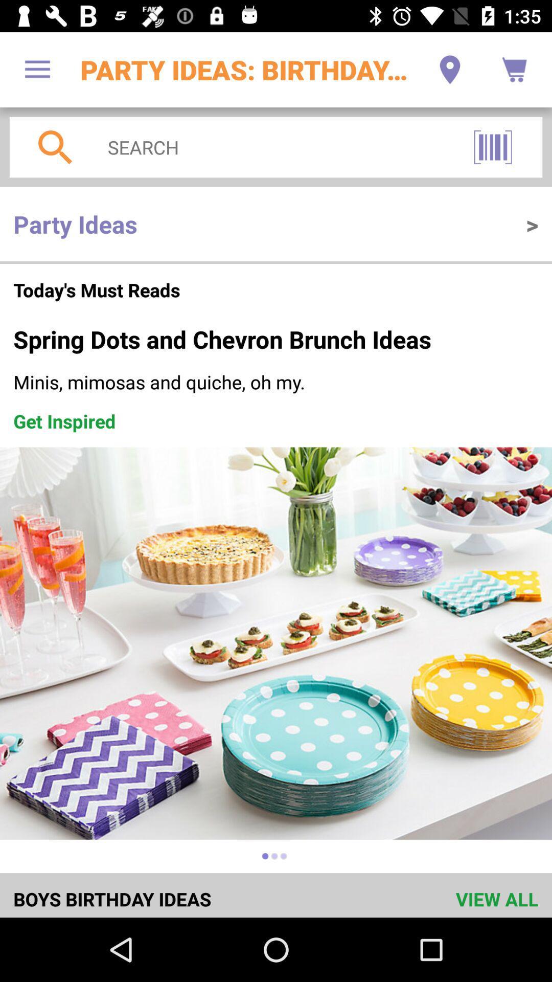 The height and width of the screenshot is (982, 552). Describe the element at coordinates (271, 147) in the screenshot. I see `the item above the party ideas icon` at that location.